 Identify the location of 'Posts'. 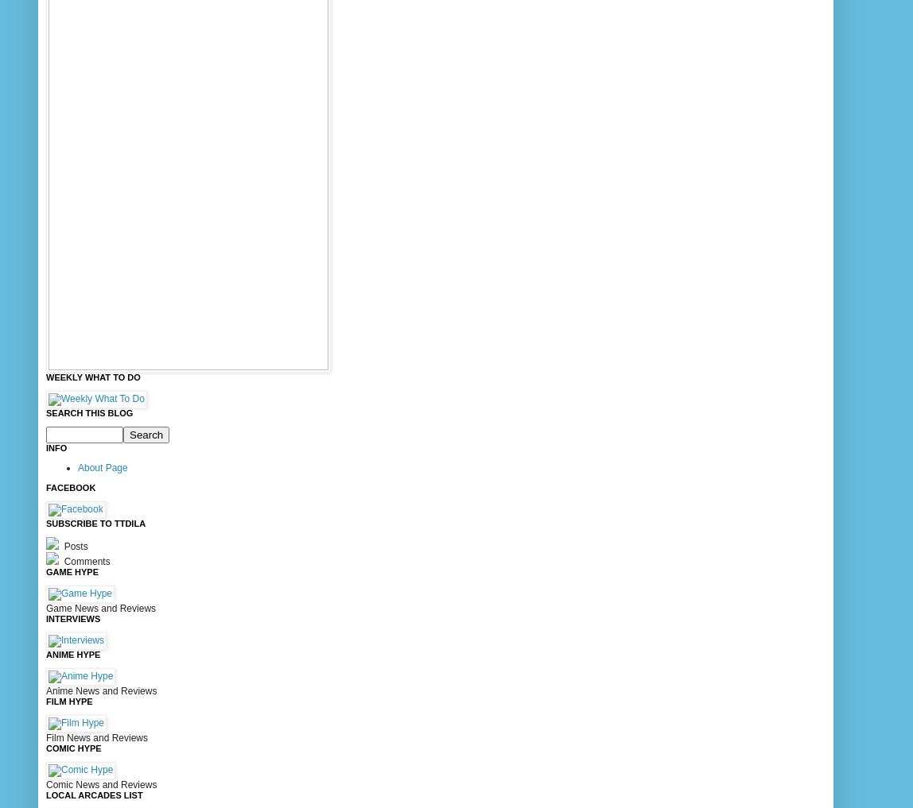
(74, 544).